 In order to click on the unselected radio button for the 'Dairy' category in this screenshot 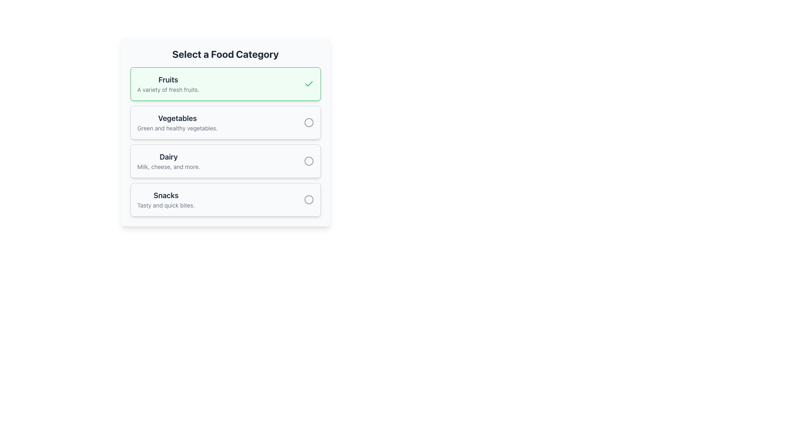, I will do `click(308, 161)`.